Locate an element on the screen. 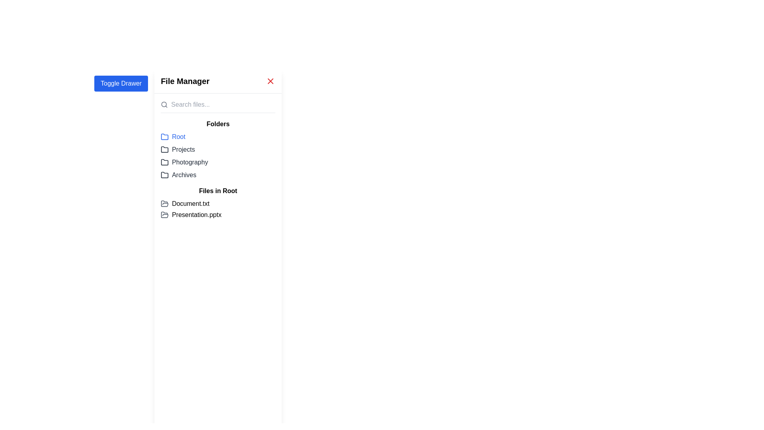 The image size is (764, 430). on the text label 'Presentation.pptx' which is the second item in the 'Files in Root' section of the 'File Manager', accompanied by a gray-colored open folder icon is located at coordinates (218, 215).